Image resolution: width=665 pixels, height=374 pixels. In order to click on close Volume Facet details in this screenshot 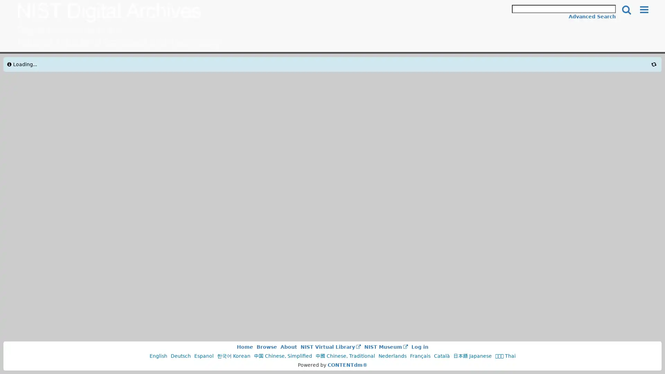, I will do `click(32, 225)`.